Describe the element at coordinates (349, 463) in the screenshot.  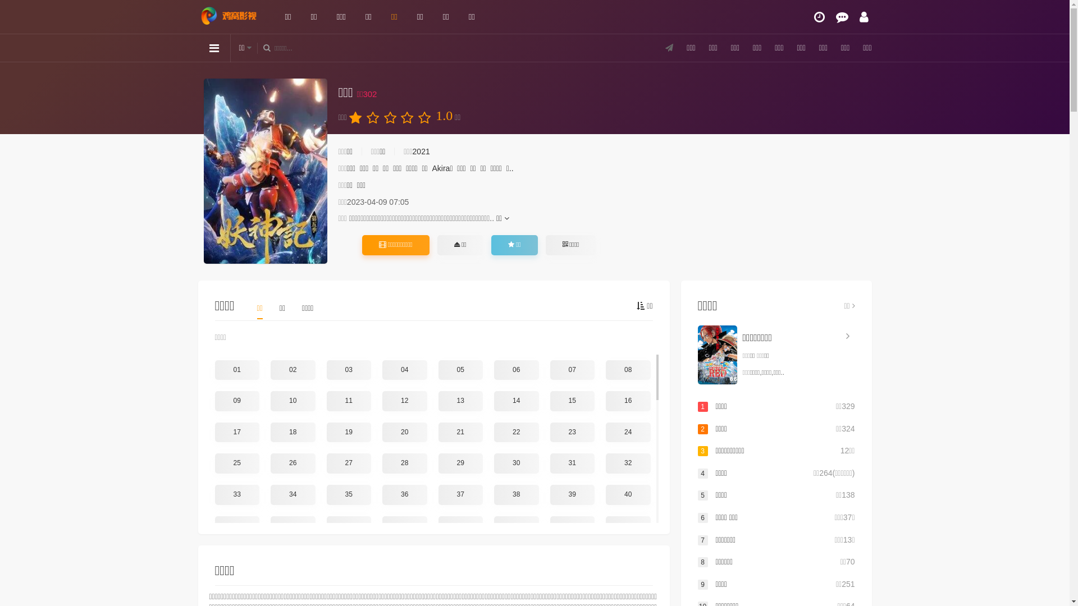
I see `'27'` at that location.